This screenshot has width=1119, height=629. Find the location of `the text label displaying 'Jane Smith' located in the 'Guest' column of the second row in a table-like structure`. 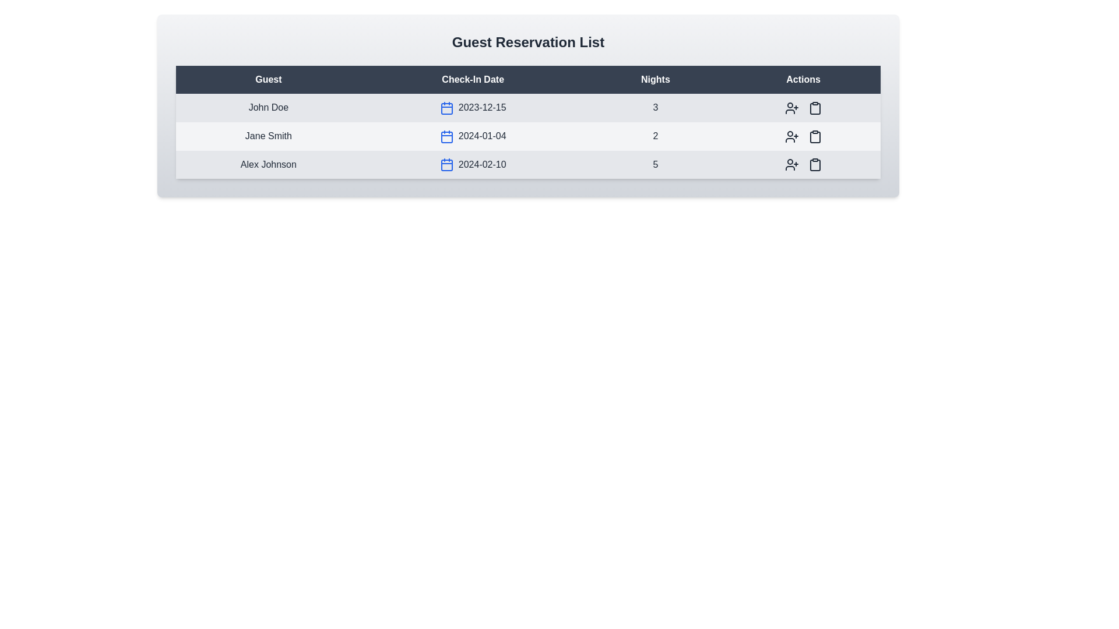

the text label displaying 'Jane Smith' located in the 'Guest' column of the second row in a table-like structure is located at coordinates (268, 136).